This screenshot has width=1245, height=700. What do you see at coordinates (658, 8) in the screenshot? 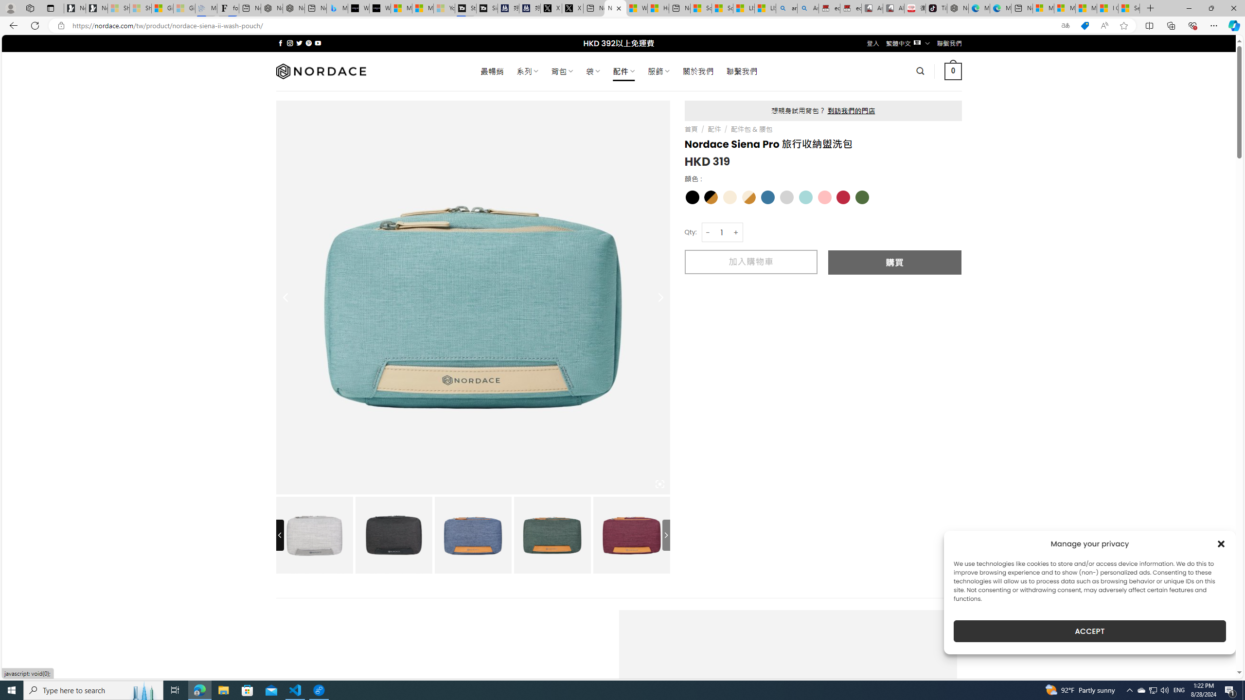
I see `'Huge shark washes ashore at New York City beach | Watch'` at bounding box center [658, 8].